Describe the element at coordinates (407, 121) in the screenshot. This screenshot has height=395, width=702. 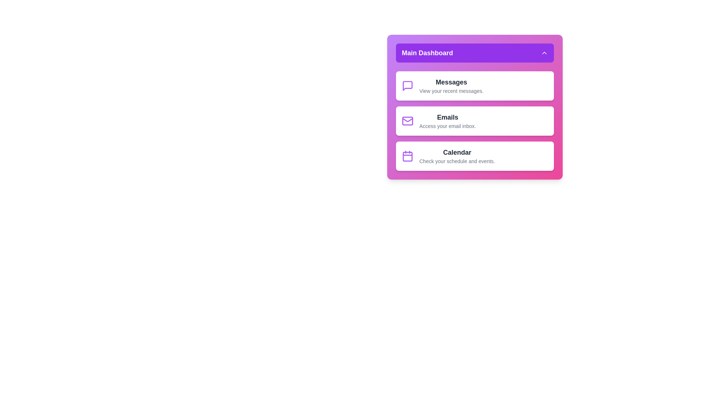
I see `the menu item icon for Emails` at that location.